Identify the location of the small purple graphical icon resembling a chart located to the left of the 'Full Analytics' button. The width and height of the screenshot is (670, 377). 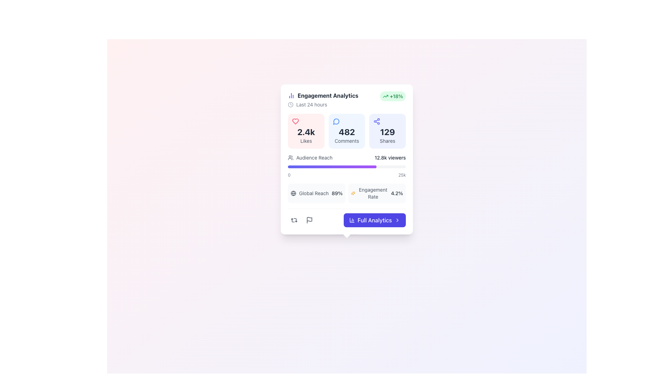
(352, 220).